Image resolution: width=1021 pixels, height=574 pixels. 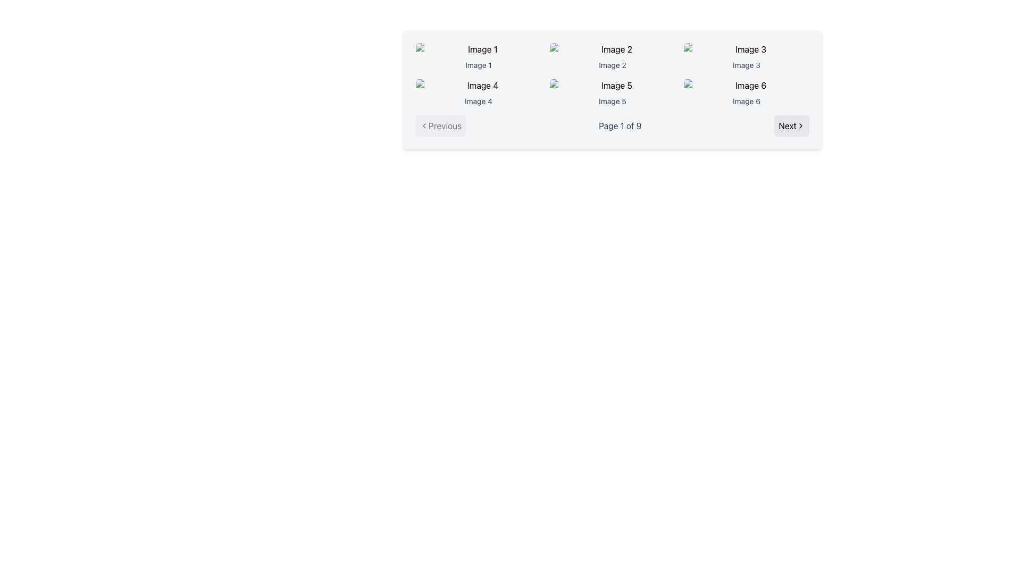 I want to click on the text label located below the first image in the top-left corner of the grid, which provides a descriptive title for the image, so click(x=478, y=65).